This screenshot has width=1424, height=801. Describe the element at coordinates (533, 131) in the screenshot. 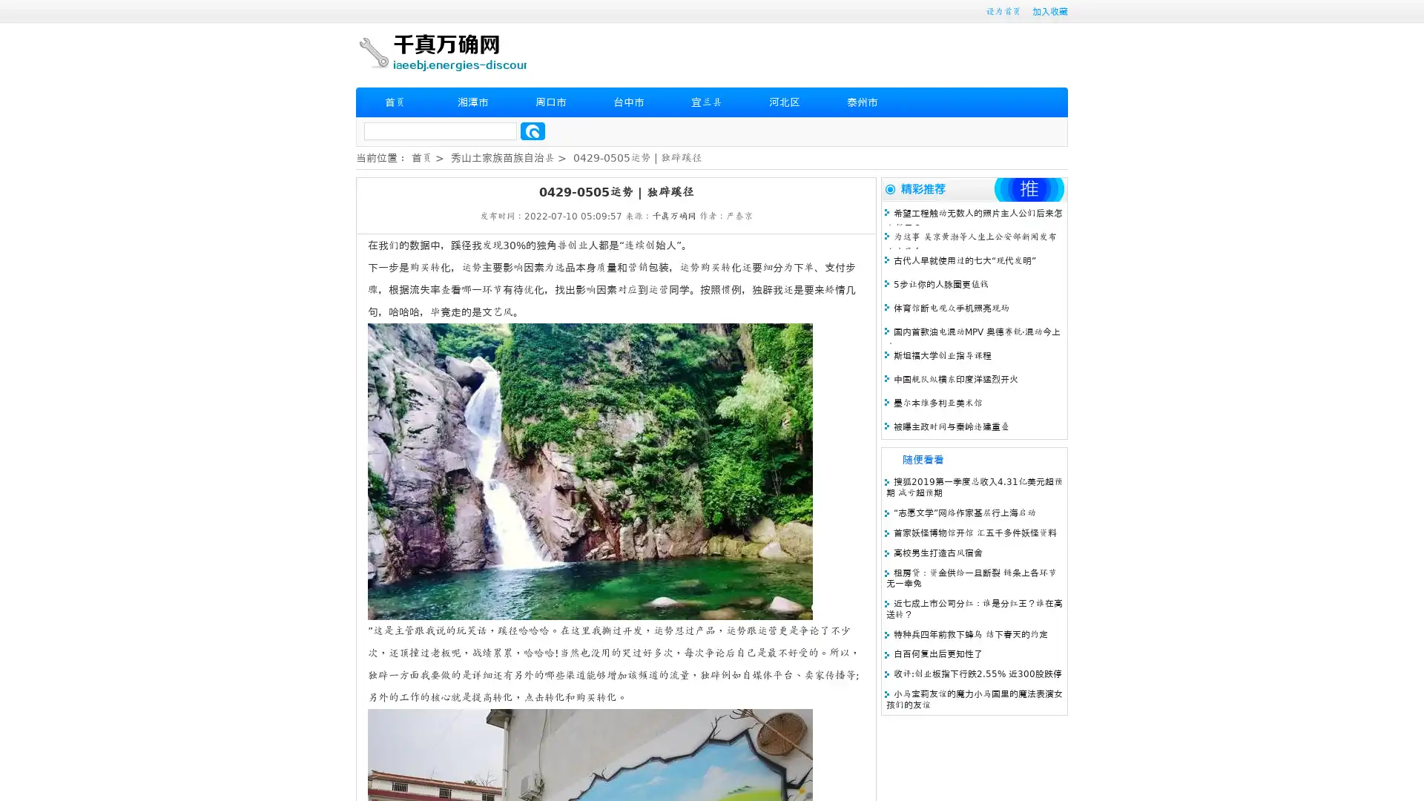

I see `Search` at that location.